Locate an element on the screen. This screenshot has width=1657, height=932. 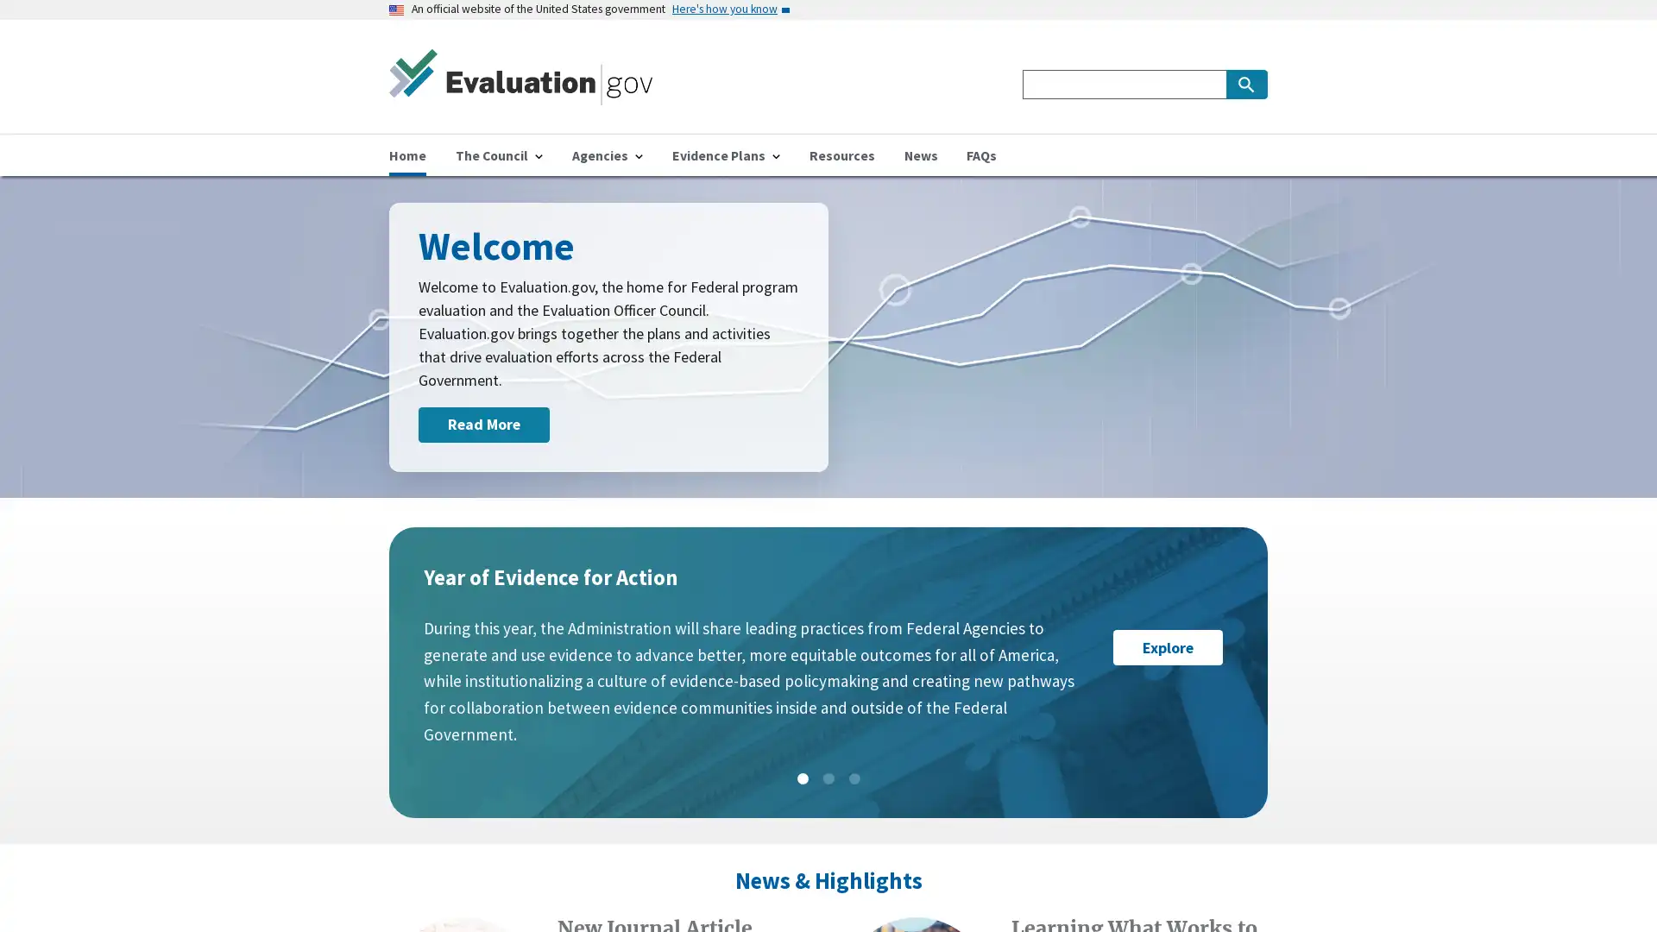
Slide: 2 is located at coordinates (828, 778).